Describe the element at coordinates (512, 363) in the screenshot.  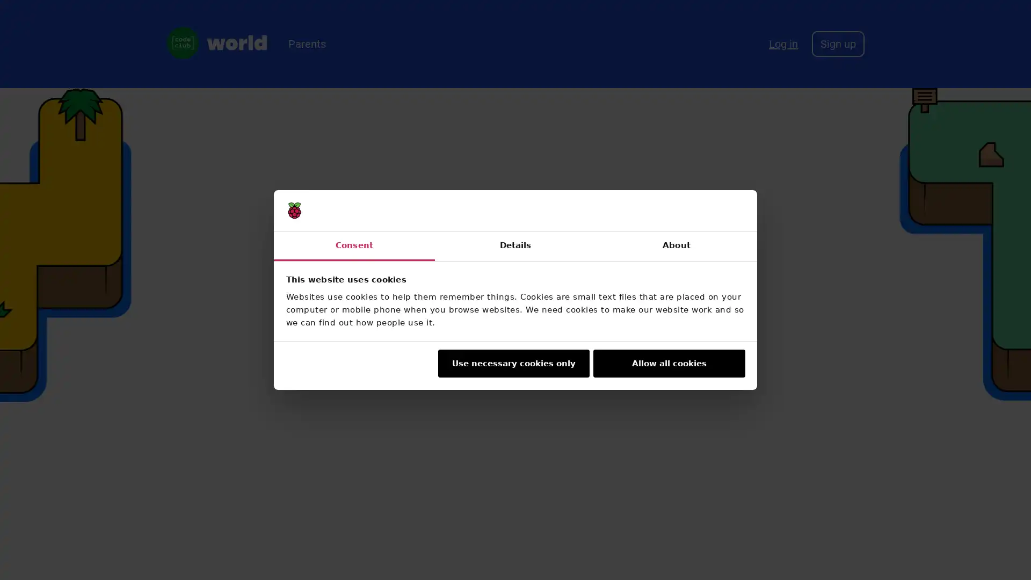
I see `Use necessary cookies only` at that location.